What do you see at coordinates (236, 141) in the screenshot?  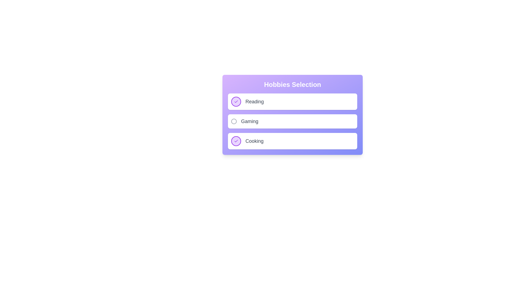 I see `the activity Cooking by clicking its respective button` at bounding box center [236, 141].